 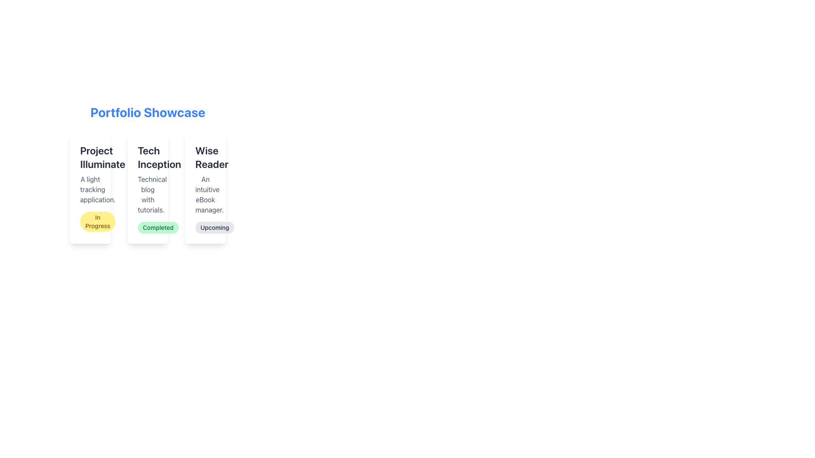 I want to click on the descriptive subtitle text for the 'Wise Reader' project, located below the title text 'Wise Reader' and above the status badge labeled 'Upcoming', so click(x=205, y=195).